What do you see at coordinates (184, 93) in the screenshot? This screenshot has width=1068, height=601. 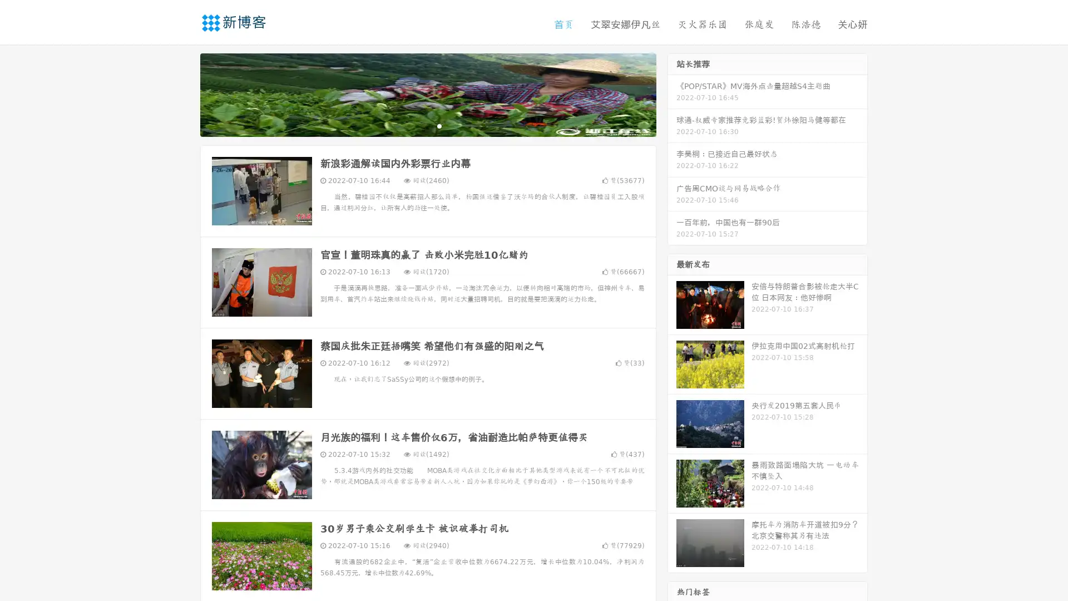 I see `Previous slide` at bounding box center [184, 93].